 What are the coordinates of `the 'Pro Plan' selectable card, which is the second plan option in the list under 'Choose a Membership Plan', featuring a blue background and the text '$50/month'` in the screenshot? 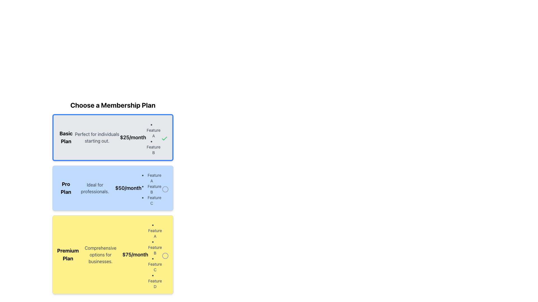 It's located at (113, 188).